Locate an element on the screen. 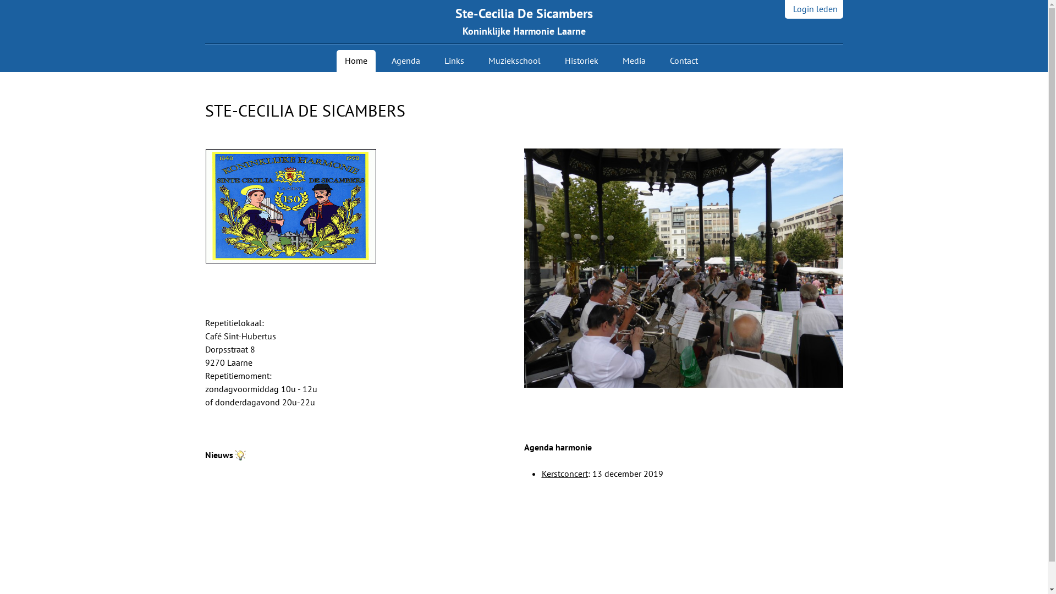  'Agenda' is located at coordinates (405, 61).